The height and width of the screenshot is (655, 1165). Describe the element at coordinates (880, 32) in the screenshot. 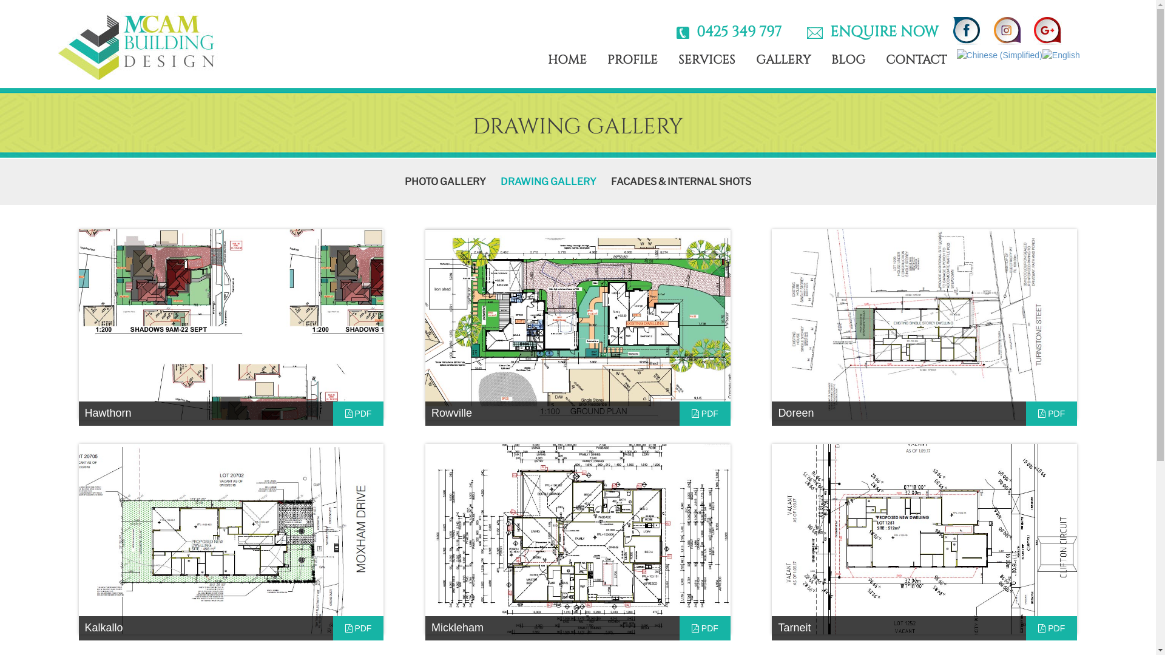

I see `' ENQUIRE NOW'` at that location.